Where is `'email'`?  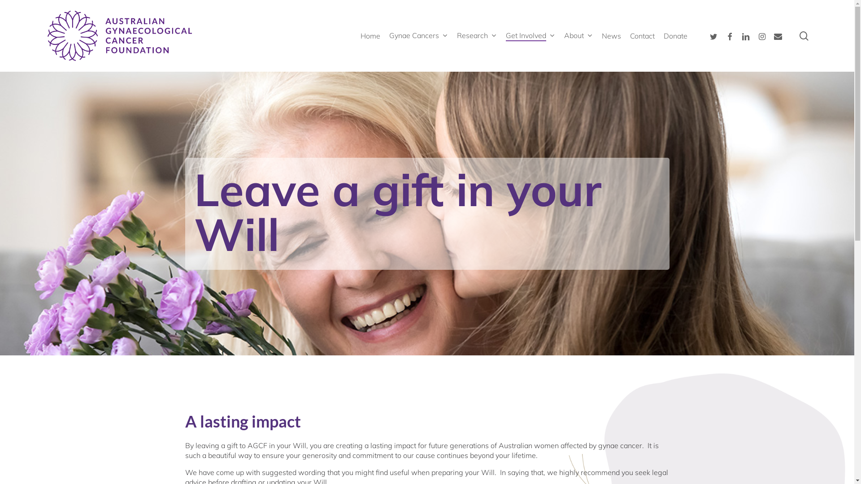 'email' is located at coordinates (777, 35).